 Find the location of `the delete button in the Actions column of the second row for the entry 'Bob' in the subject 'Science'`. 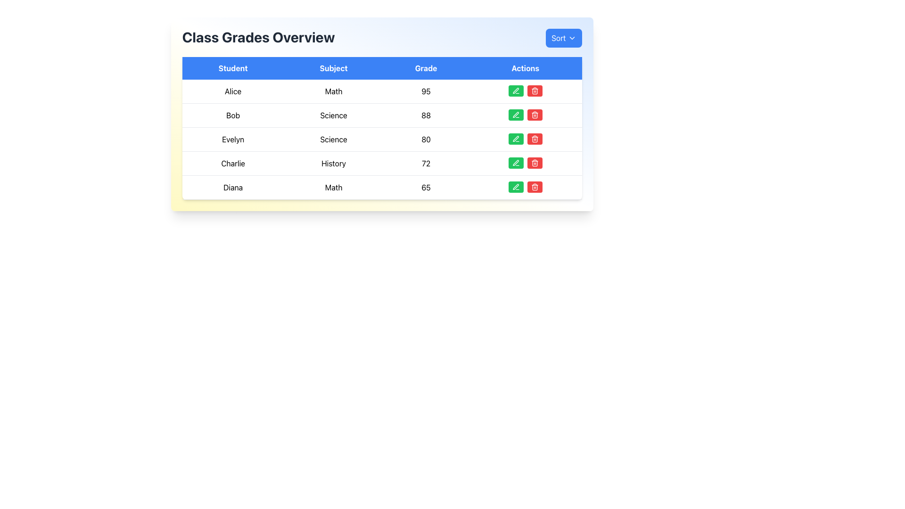

the delete button in the Actions column of the second row for the entry 'Bob' in the subject 'Science' is located at coordinates (535, 114).